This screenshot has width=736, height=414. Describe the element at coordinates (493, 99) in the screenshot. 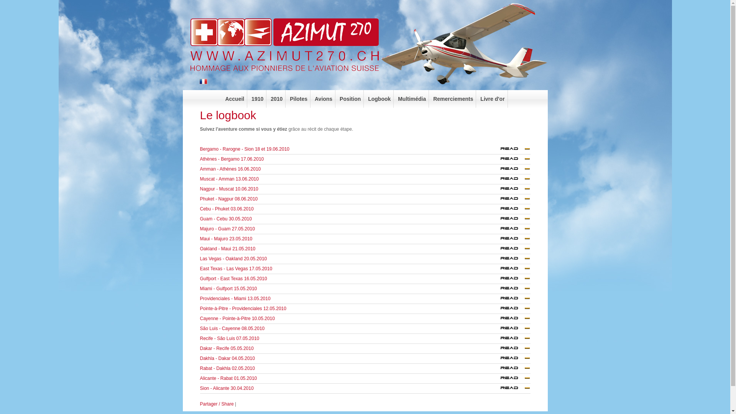

I see `'Livre d'or'` at that location.